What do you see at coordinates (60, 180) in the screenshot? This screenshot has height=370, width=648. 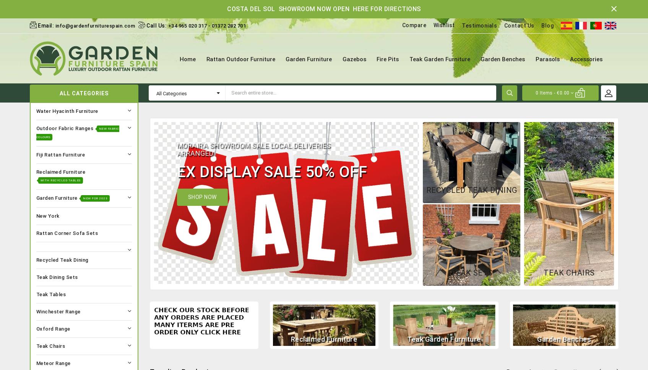 I see `'With Recycled Tables'` at bounding box center [60, 180].